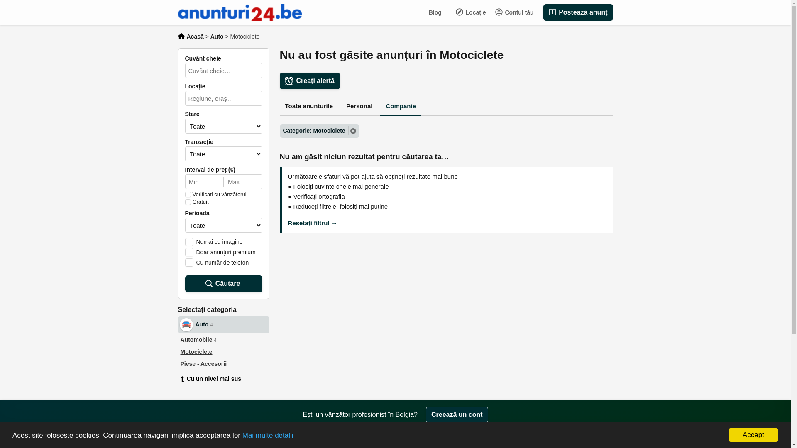 This screenshot has height=448, width=797. What do you see at coordinates (268, 435) in the screenshot?
I see `'Mai multe detalii'` at bounding box center [268, 435].